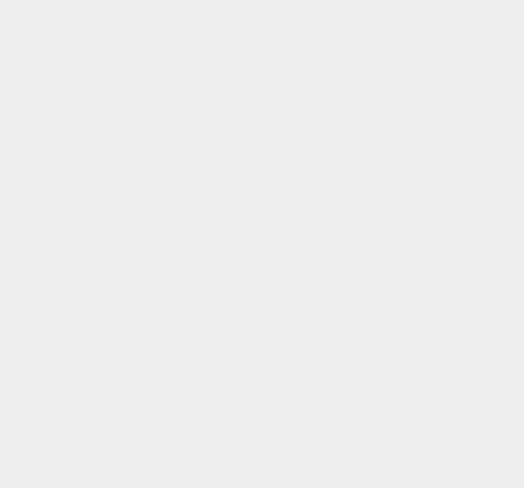 The width and height of the screenshot is (524, 488). Describe the element at coordinates (401, 339) in the screenshot. I see `'Windows Server 2022'` at that location.